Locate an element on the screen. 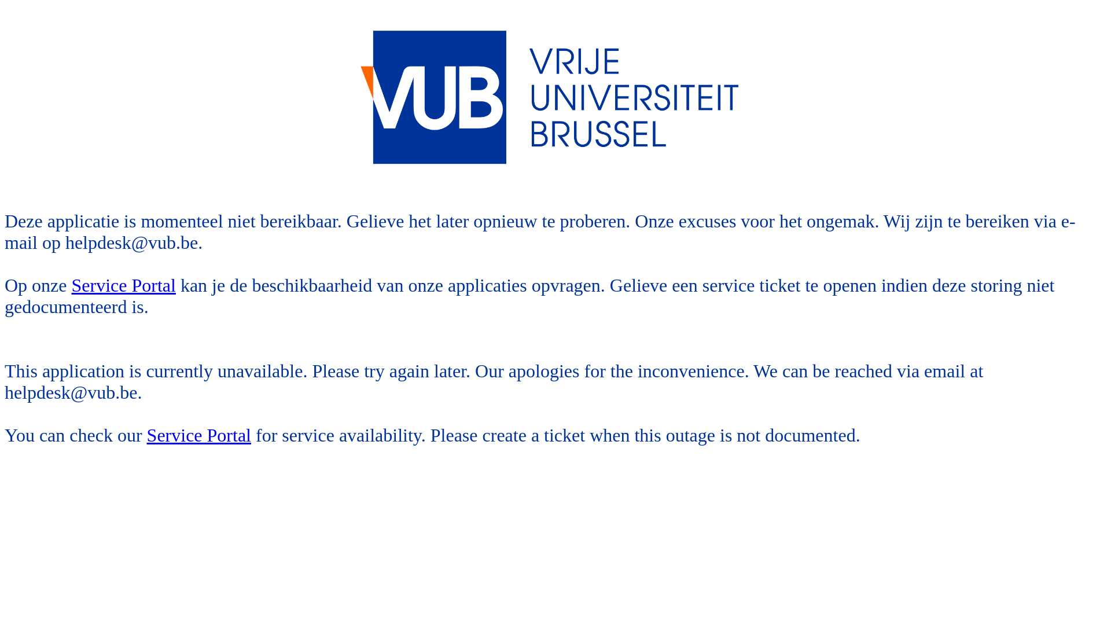  'Service Portal' is located at coordinates (124, 285).